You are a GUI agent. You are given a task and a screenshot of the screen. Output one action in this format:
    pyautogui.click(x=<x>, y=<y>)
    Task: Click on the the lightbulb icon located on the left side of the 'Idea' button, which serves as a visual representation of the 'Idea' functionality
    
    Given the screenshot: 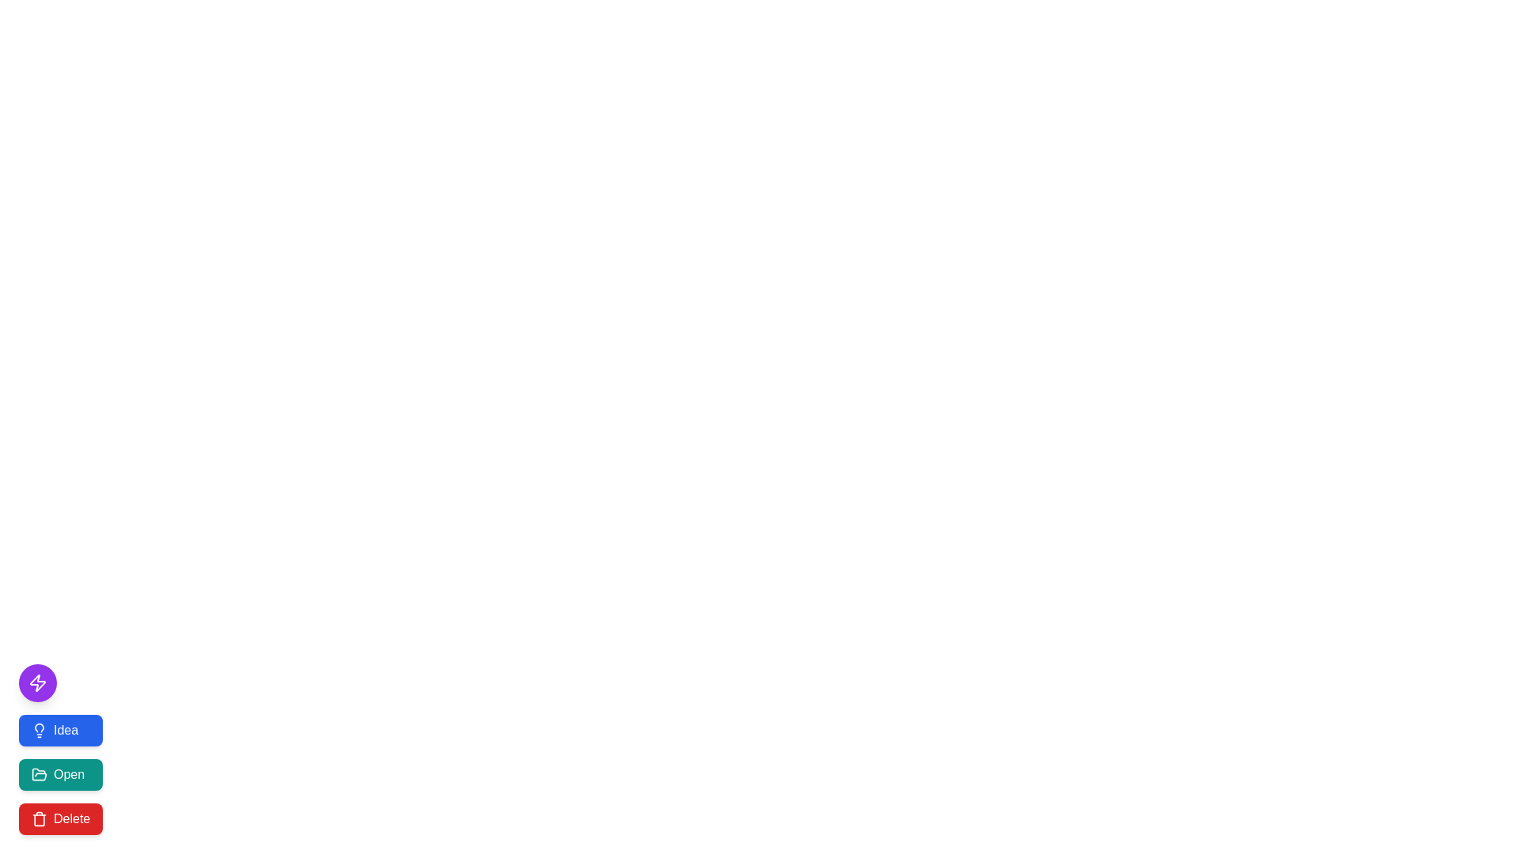 What is the action you would take?
    pyautogui.click(x=39, y=731)
    